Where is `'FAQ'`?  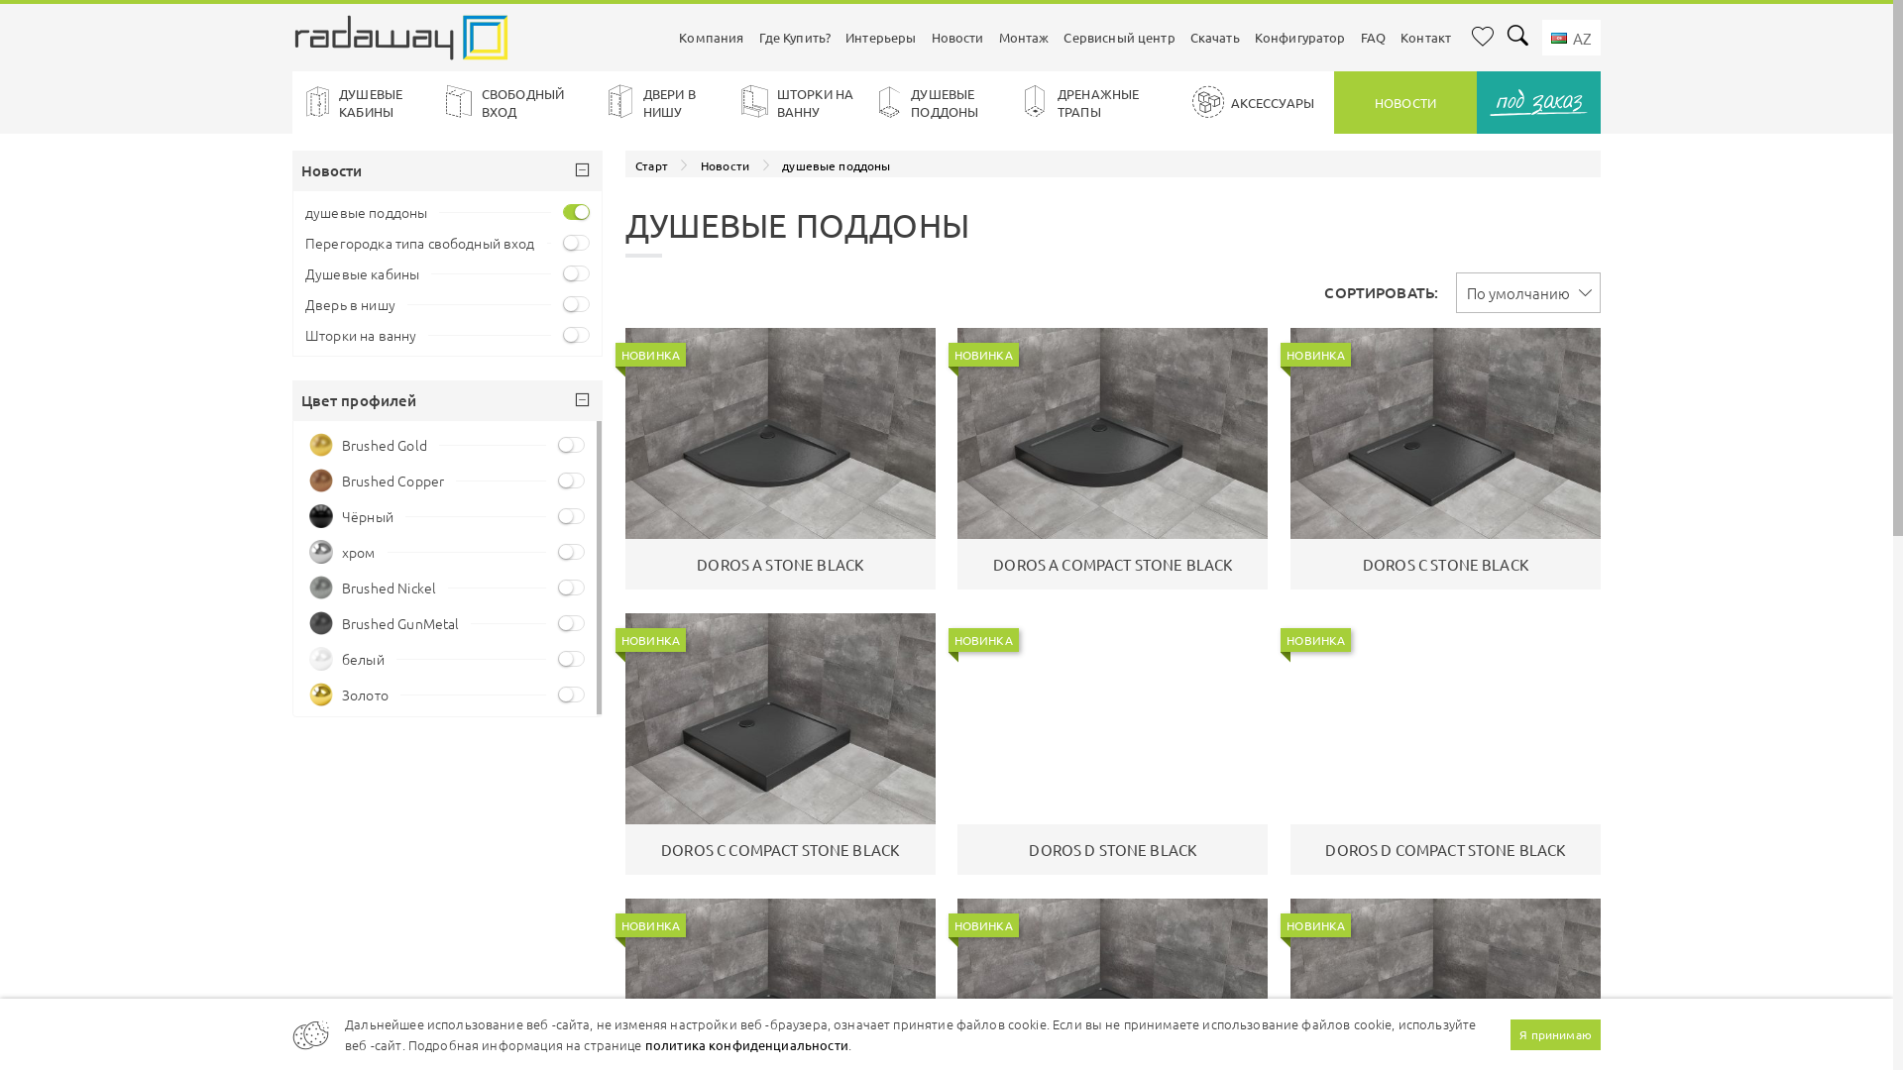 'FAQ' is located at coordinates (1372, 38).